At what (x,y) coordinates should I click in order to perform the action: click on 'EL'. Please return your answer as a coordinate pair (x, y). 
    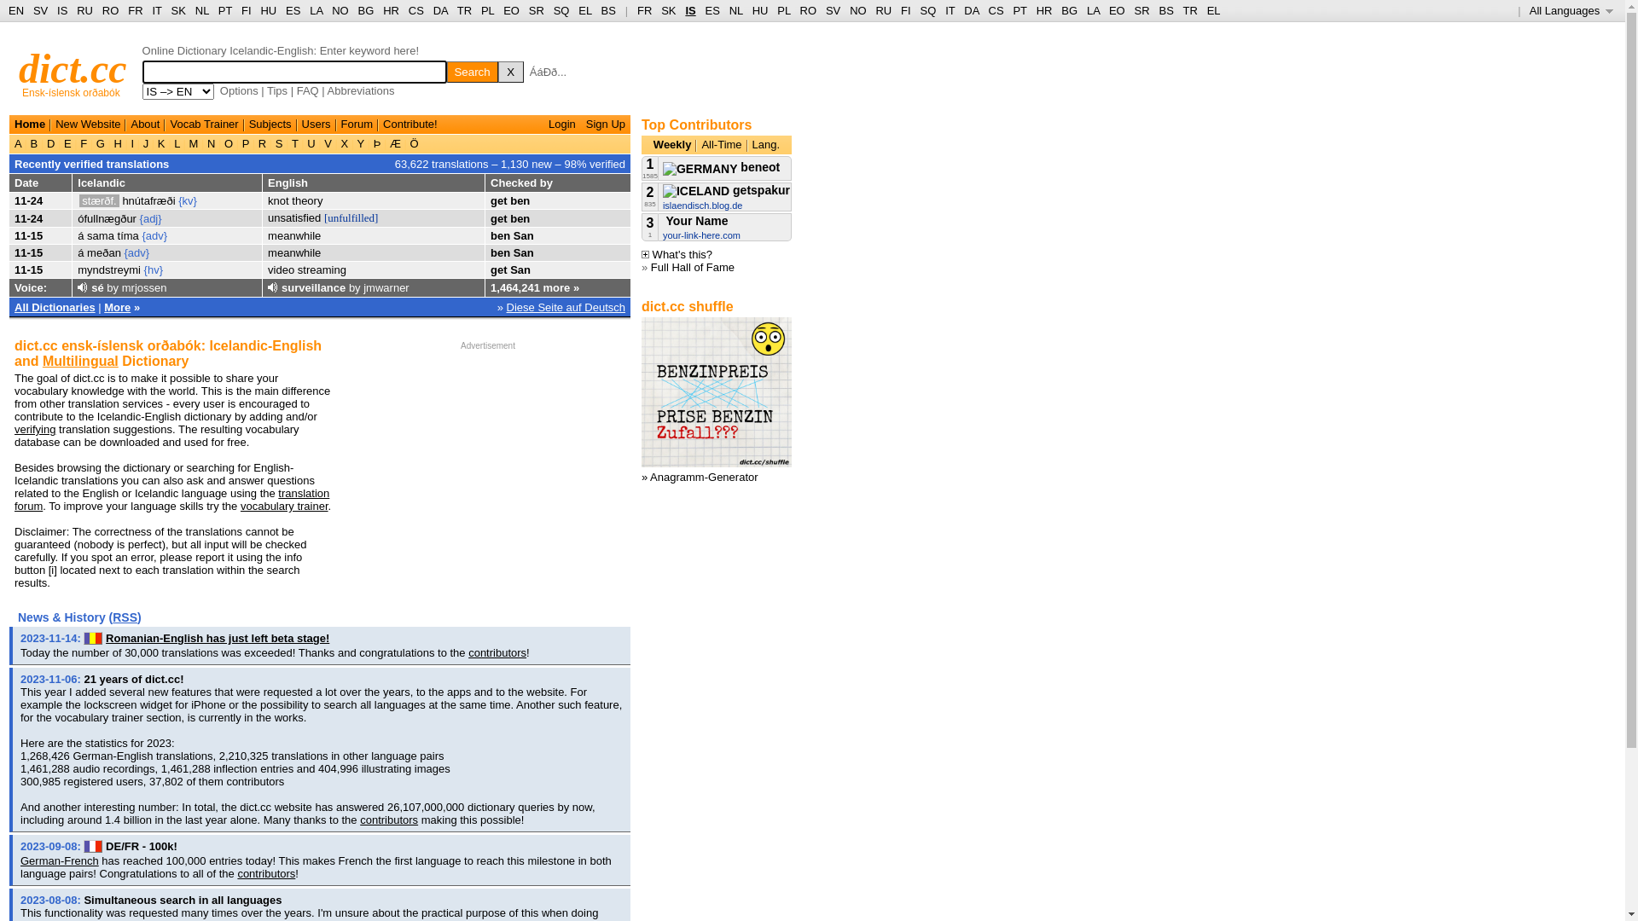
    Looking at the image, I should click on (578, 10).